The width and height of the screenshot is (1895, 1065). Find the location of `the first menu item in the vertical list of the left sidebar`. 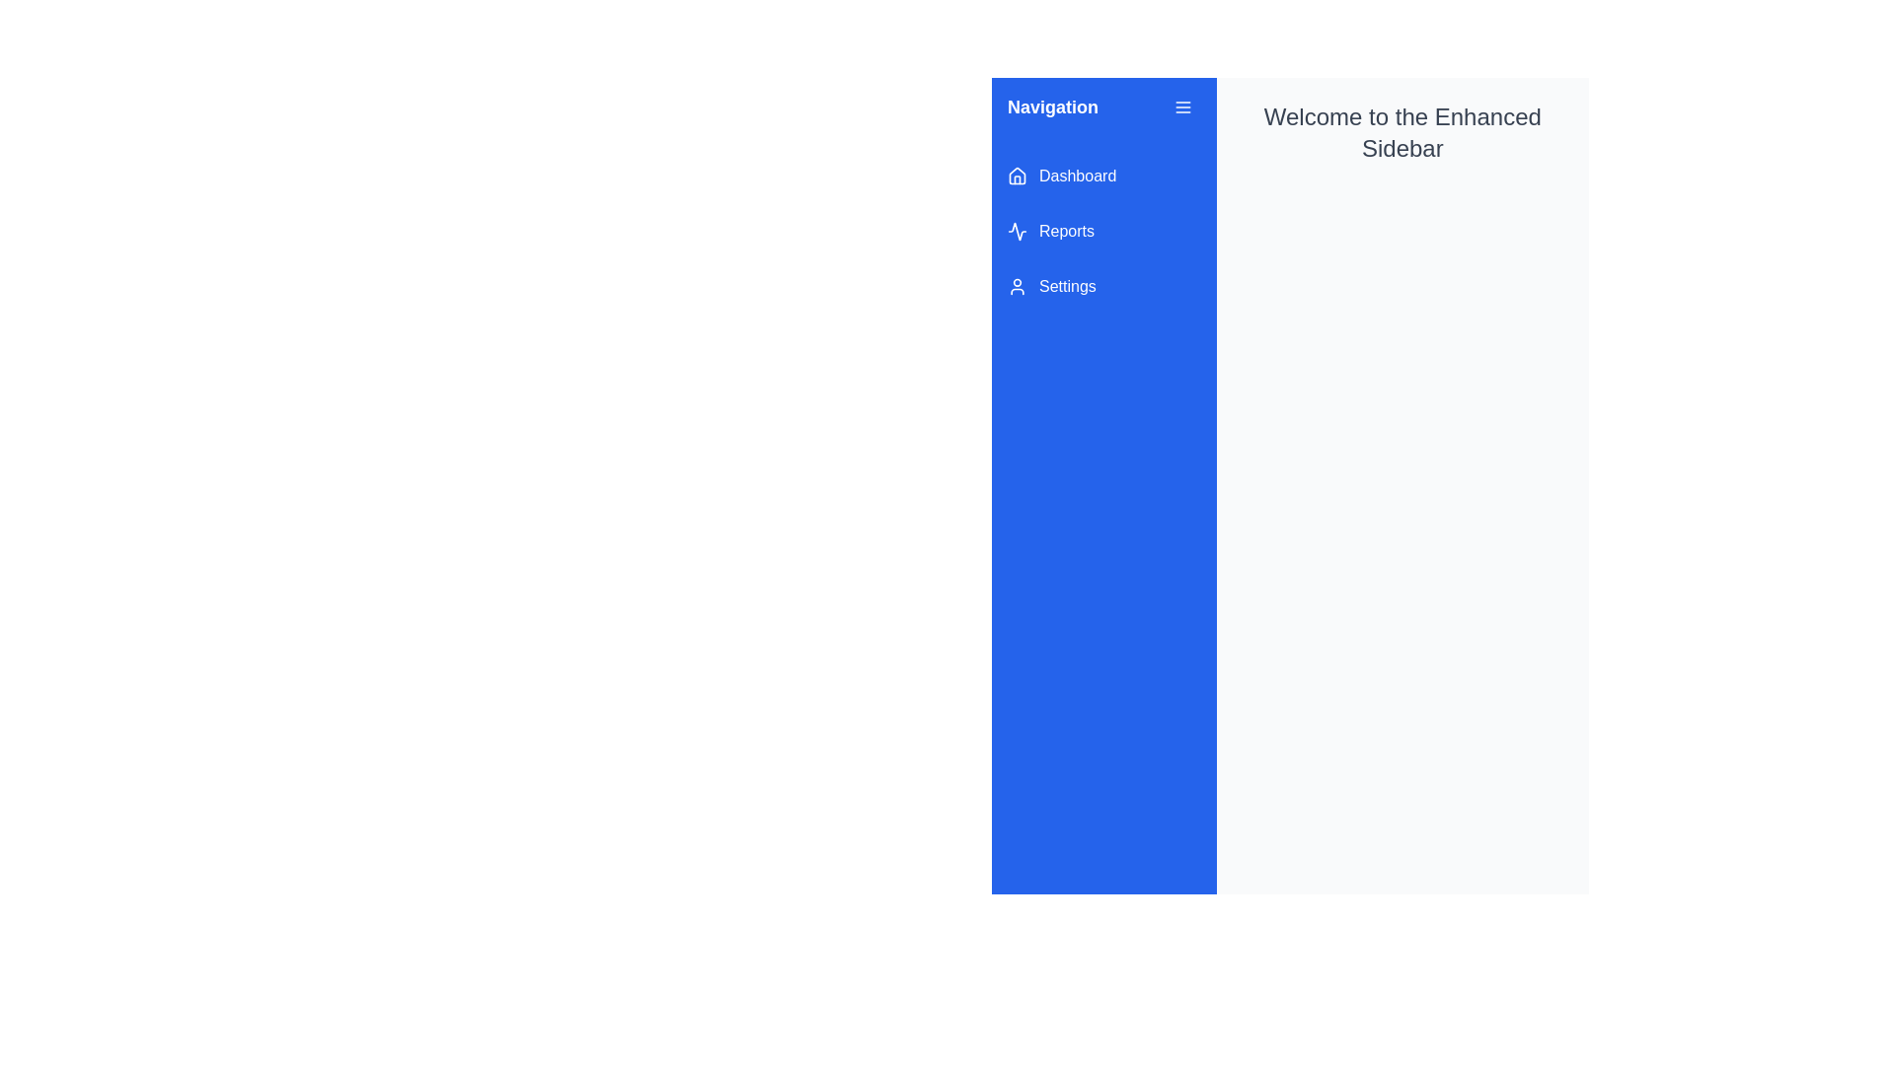

the first menu item in the vertical list of the left sidebar is located at coordinates (1102, 175).